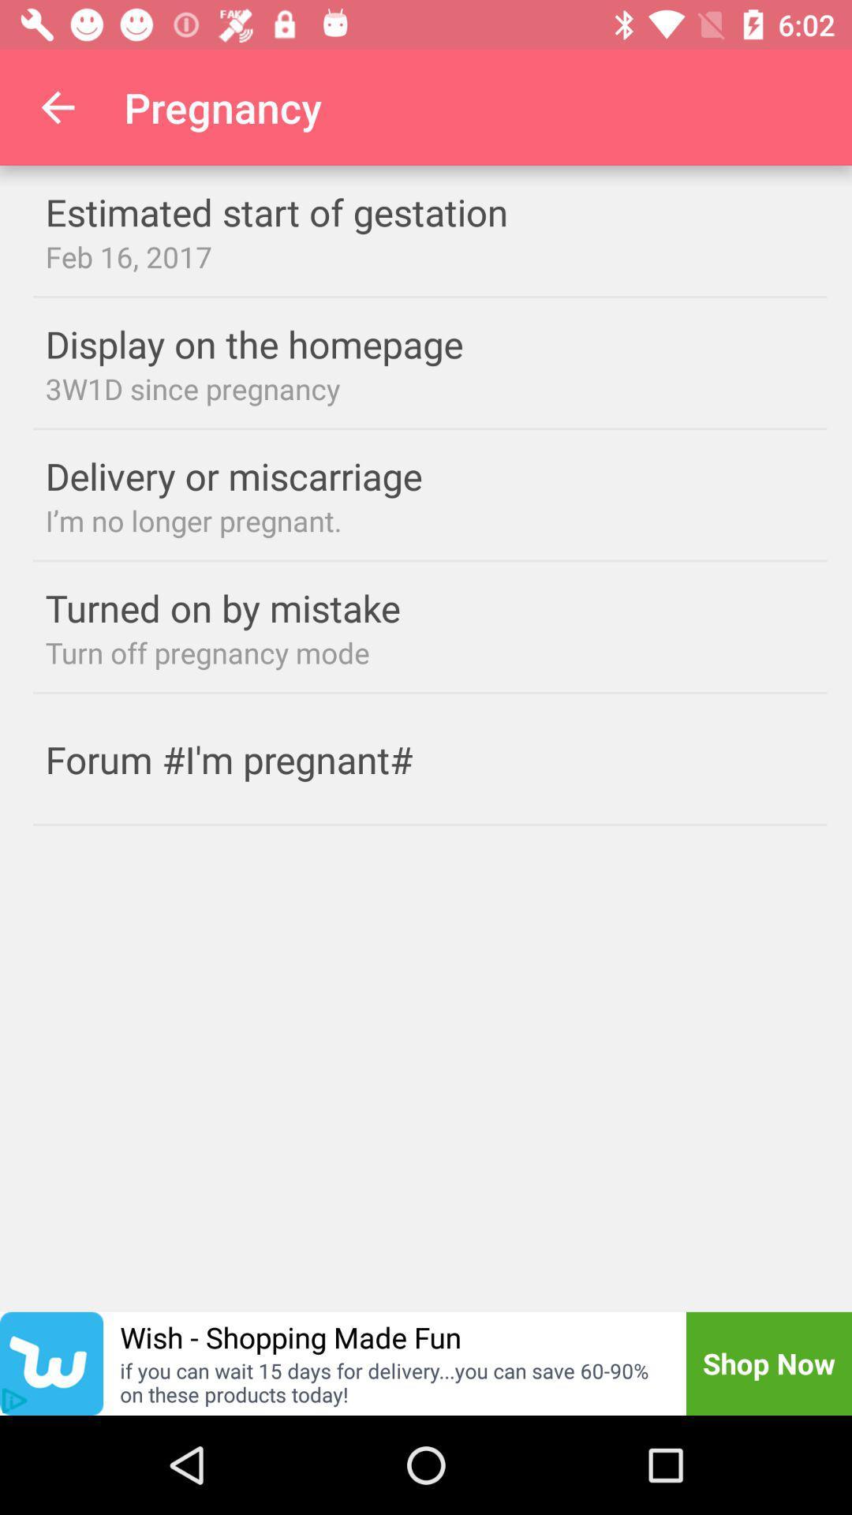 This screenshot has height=1515, width=852. What do you see at coordinates (57, 107) in the screenshot?
I see `icon next to pregnancy` at bounding box center [57, 107].